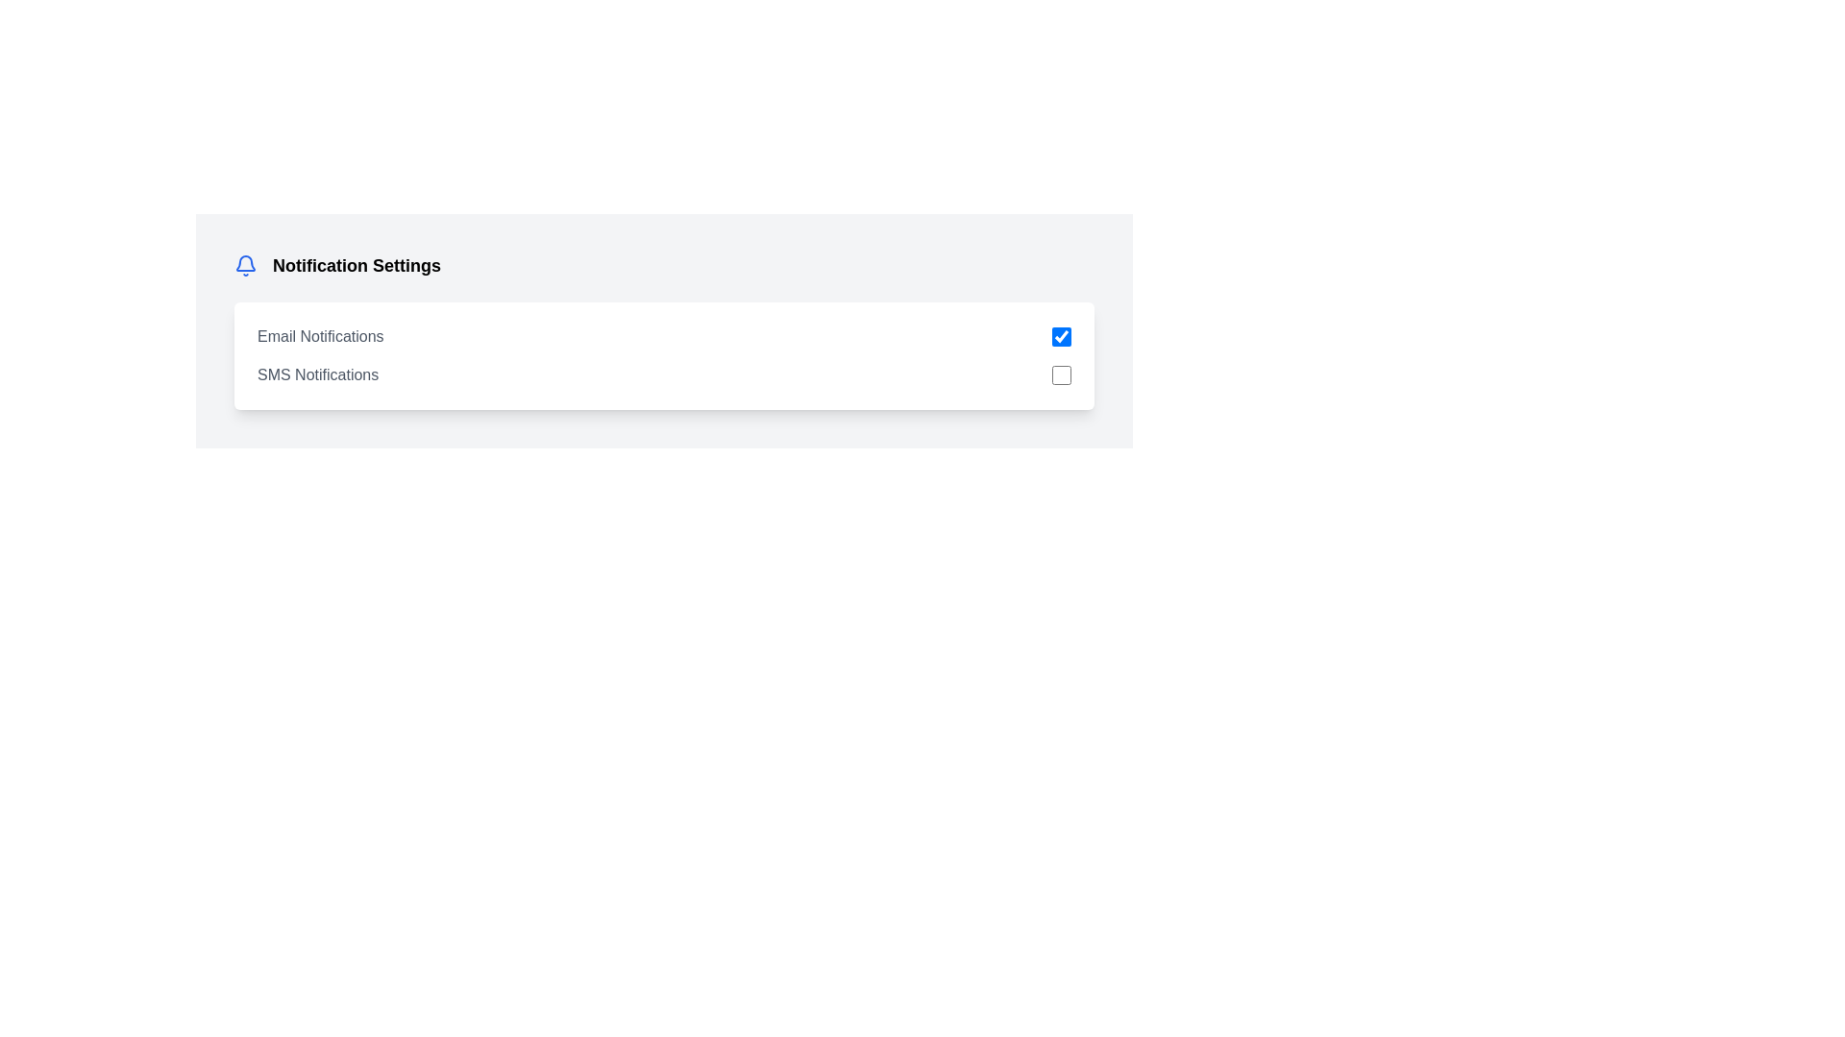  Describe the element at coordinates (1060, 374) in the screenshot. I see `the SMS Notifications checkbox` at that location.